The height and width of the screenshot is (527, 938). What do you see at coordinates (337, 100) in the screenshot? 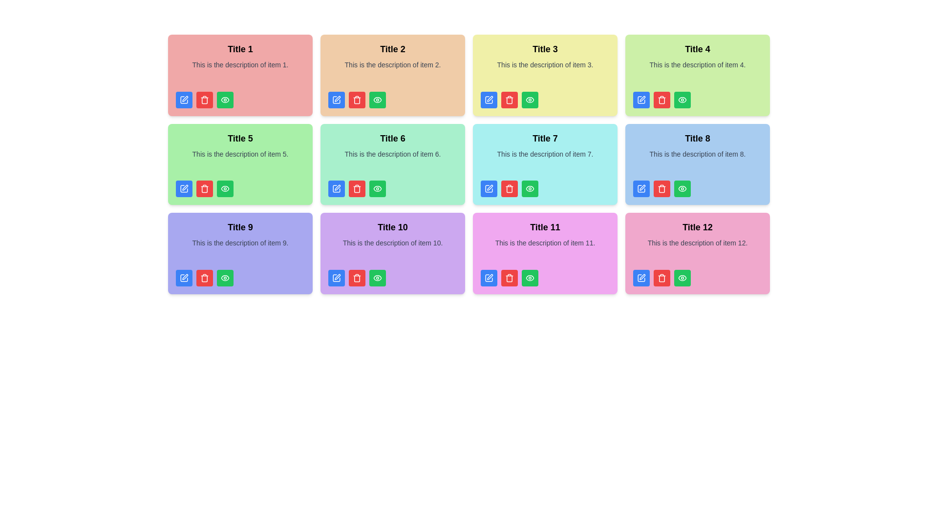
I see `the edit icon button located in the leftmost position of the action button row under 'Title 2'` at bounding box center [337, 100].